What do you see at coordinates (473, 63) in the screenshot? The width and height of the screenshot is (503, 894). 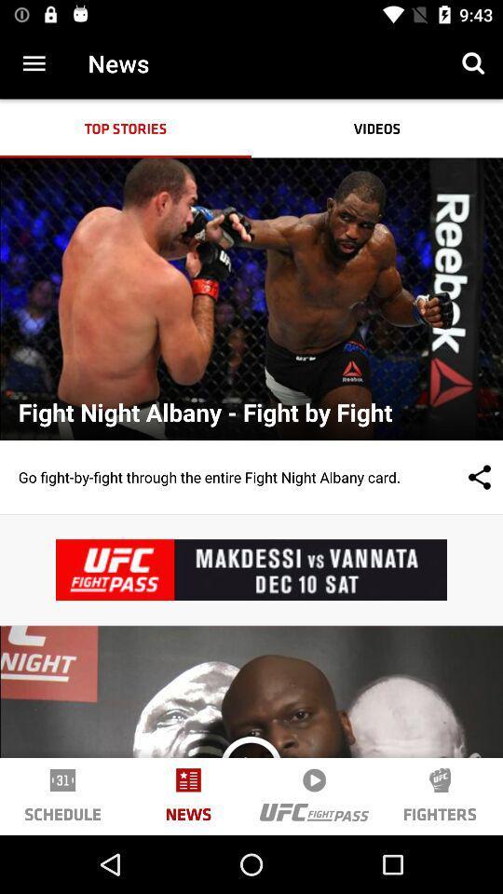 I see `icon next to news icon` at bounding box center [473, 63].